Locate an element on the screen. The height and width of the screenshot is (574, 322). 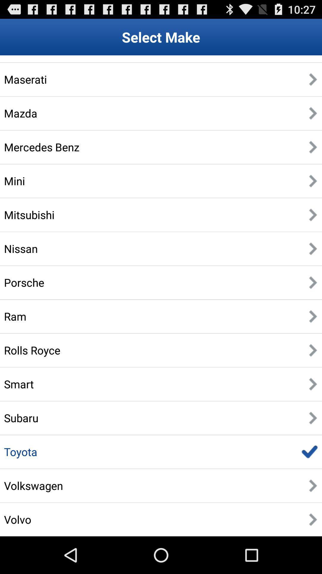
the nissan icon is located at coordinates (21, 248).